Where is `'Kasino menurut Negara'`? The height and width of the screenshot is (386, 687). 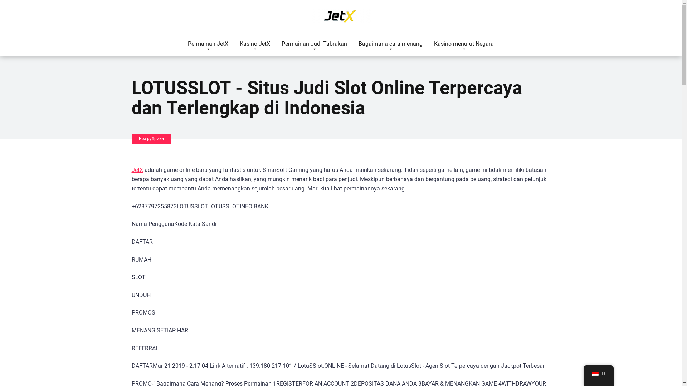 'Kasino menurut Negara' is located at coordinates (464, 44).